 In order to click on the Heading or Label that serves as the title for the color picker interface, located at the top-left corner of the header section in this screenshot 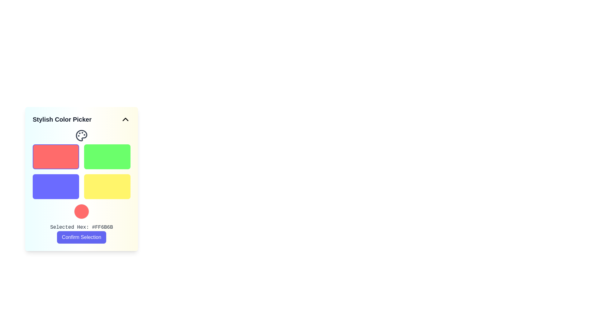, I will do `click(62, 119)`.